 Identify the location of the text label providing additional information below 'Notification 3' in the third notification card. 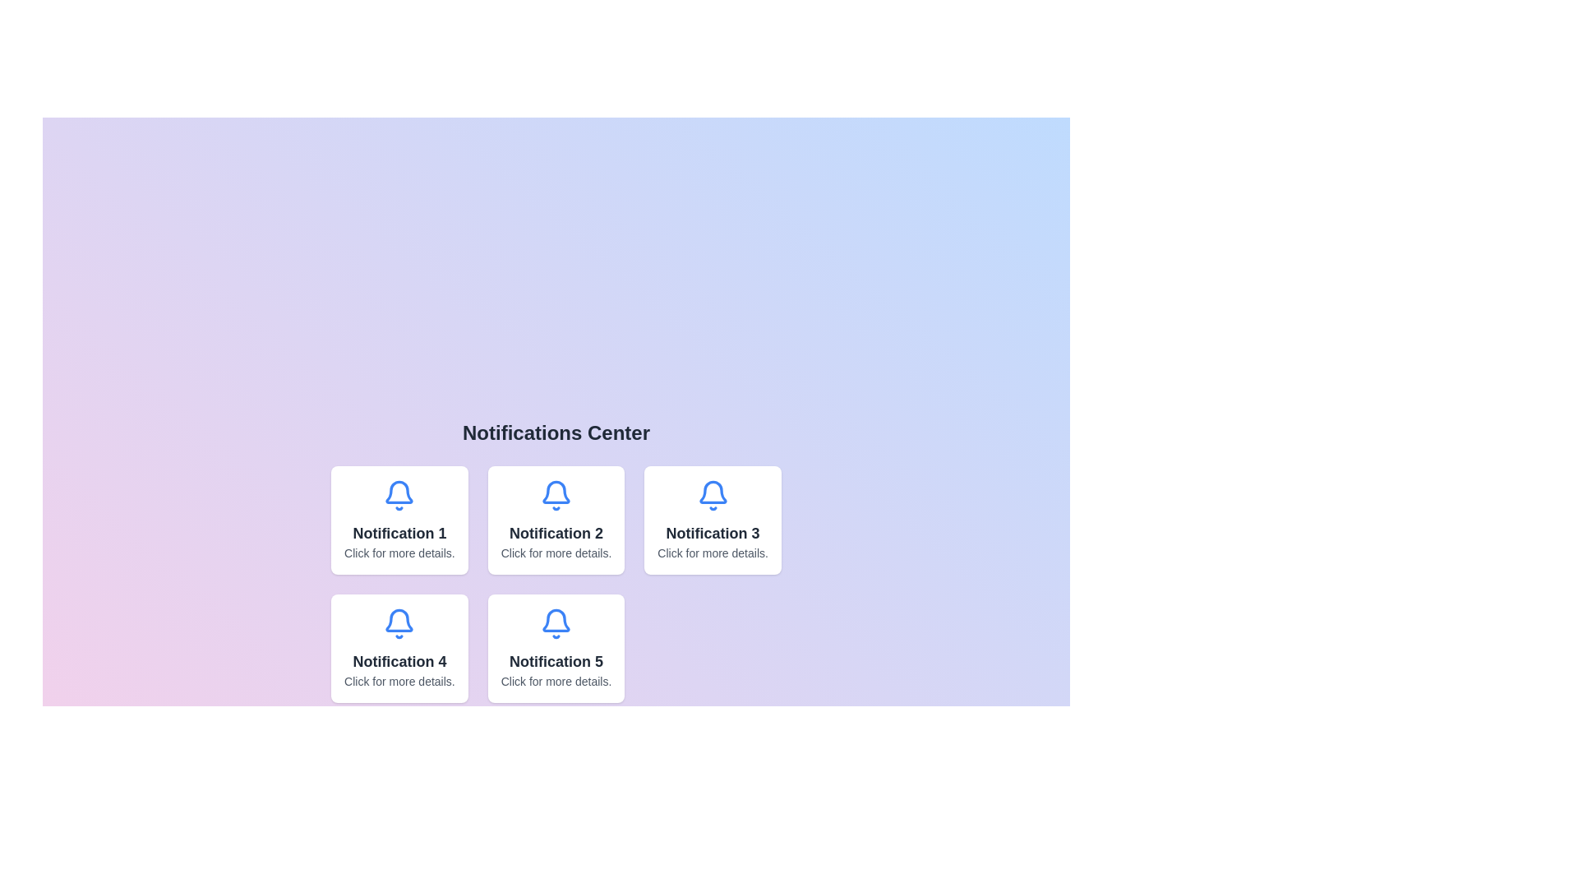
(713, 553).